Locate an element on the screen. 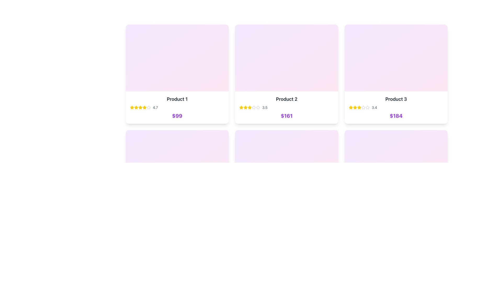 This screenshot has height=282, width=502. fifth star icon in the rating system of the 'Product 1' card, which indicates the maximum rating score in a five-star rating system is located at coordinates (148, 107).